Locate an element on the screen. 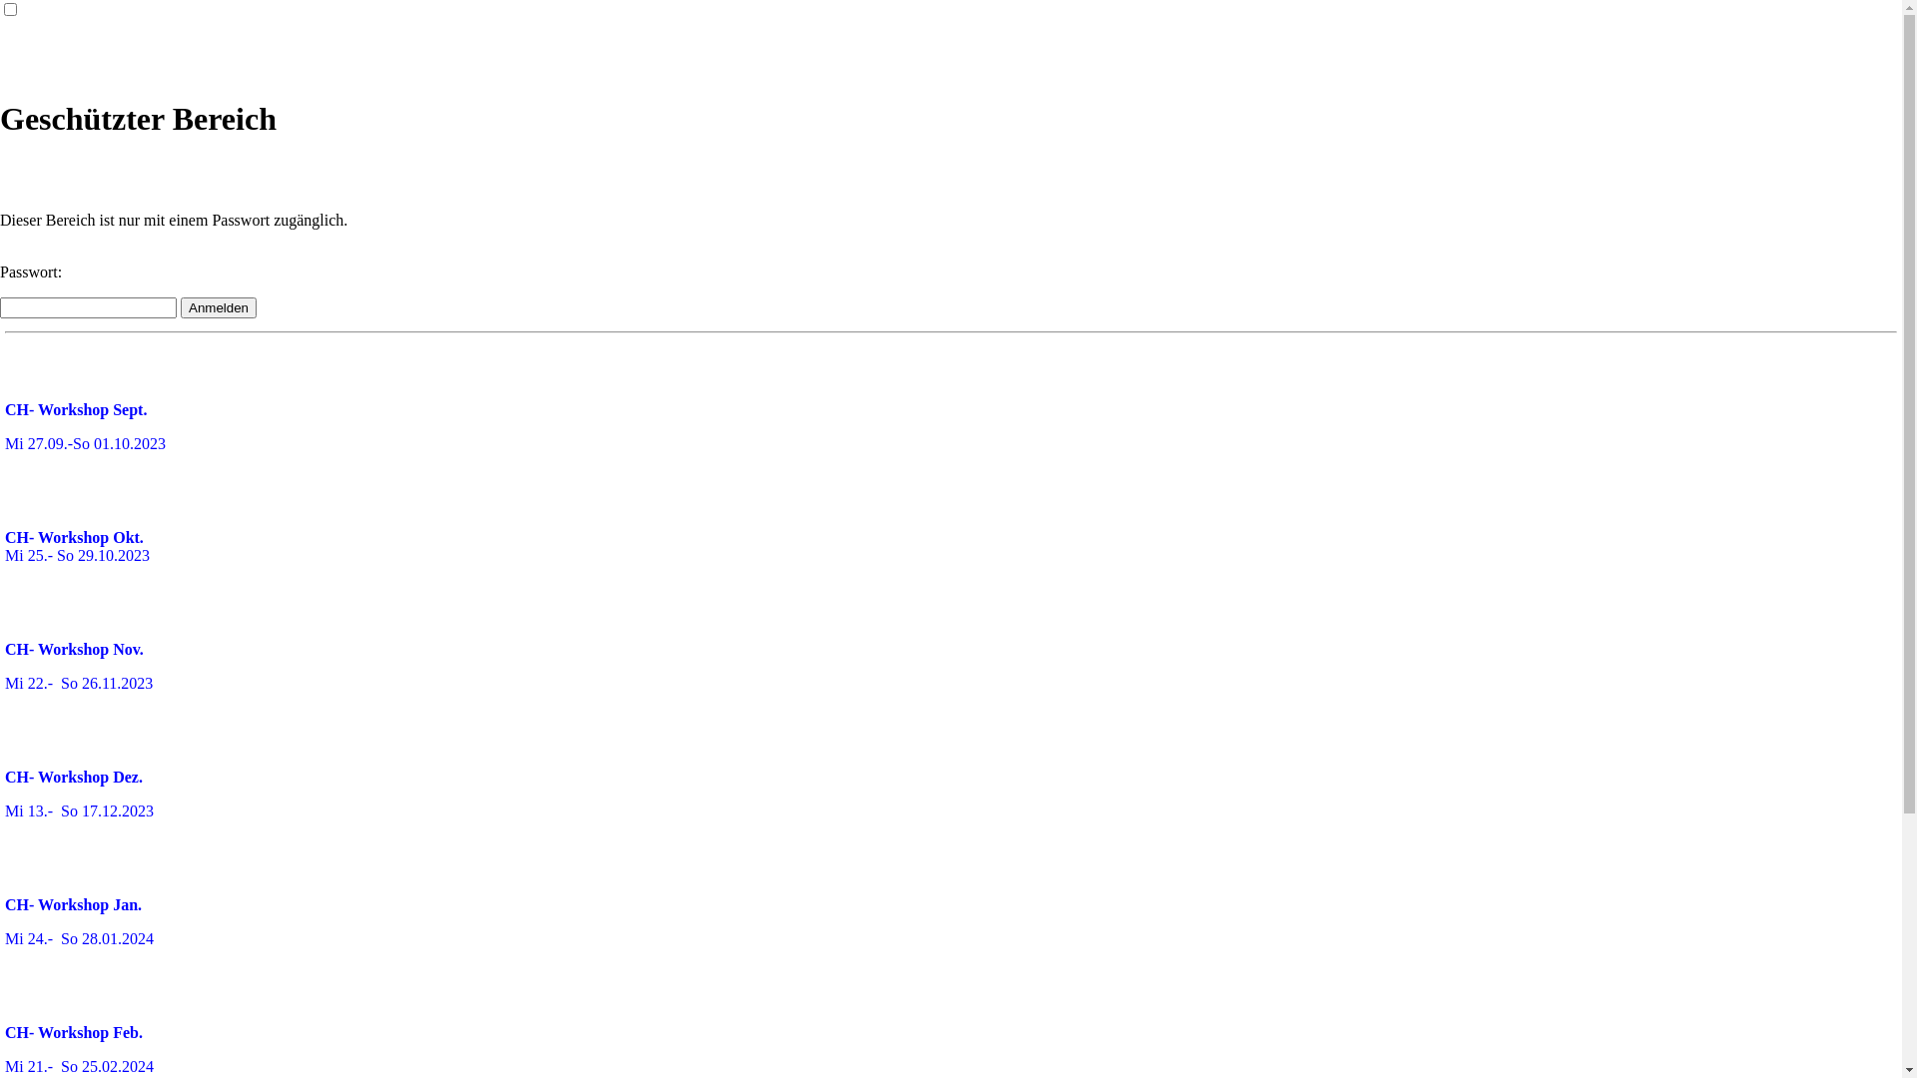 Image resolution: width=1917 pixels, height=1078 pixels. 'Anmelden' is located at coordinates (219, 307).